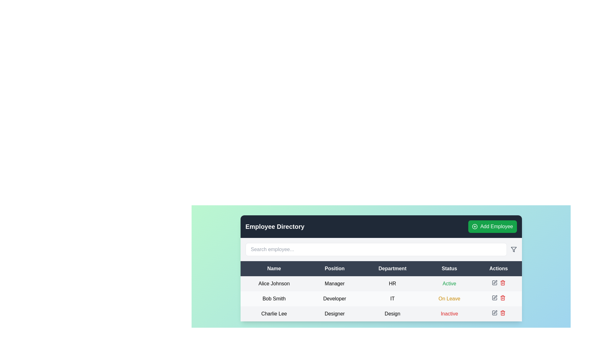  Describe the element at coordinates (334, 314) in the screenshot. I see `text label displaying 'Designer', located in the third row under the 'Position' column of the employee directory table, positioned between 'Charlie Lee' and 'Design'` at that location.